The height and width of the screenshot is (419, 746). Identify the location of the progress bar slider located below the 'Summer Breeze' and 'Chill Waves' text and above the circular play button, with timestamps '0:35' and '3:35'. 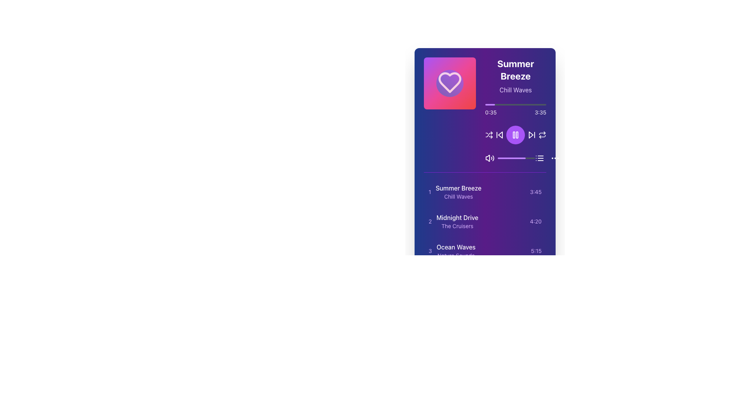
(516, 110).